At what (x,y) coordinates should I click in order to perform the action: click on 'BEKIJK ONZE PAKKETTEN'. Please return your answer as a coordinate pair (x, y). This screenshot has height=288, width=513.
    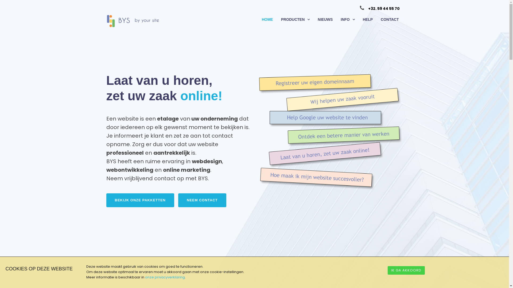
    Looking at the image, I should click on (140, 200).